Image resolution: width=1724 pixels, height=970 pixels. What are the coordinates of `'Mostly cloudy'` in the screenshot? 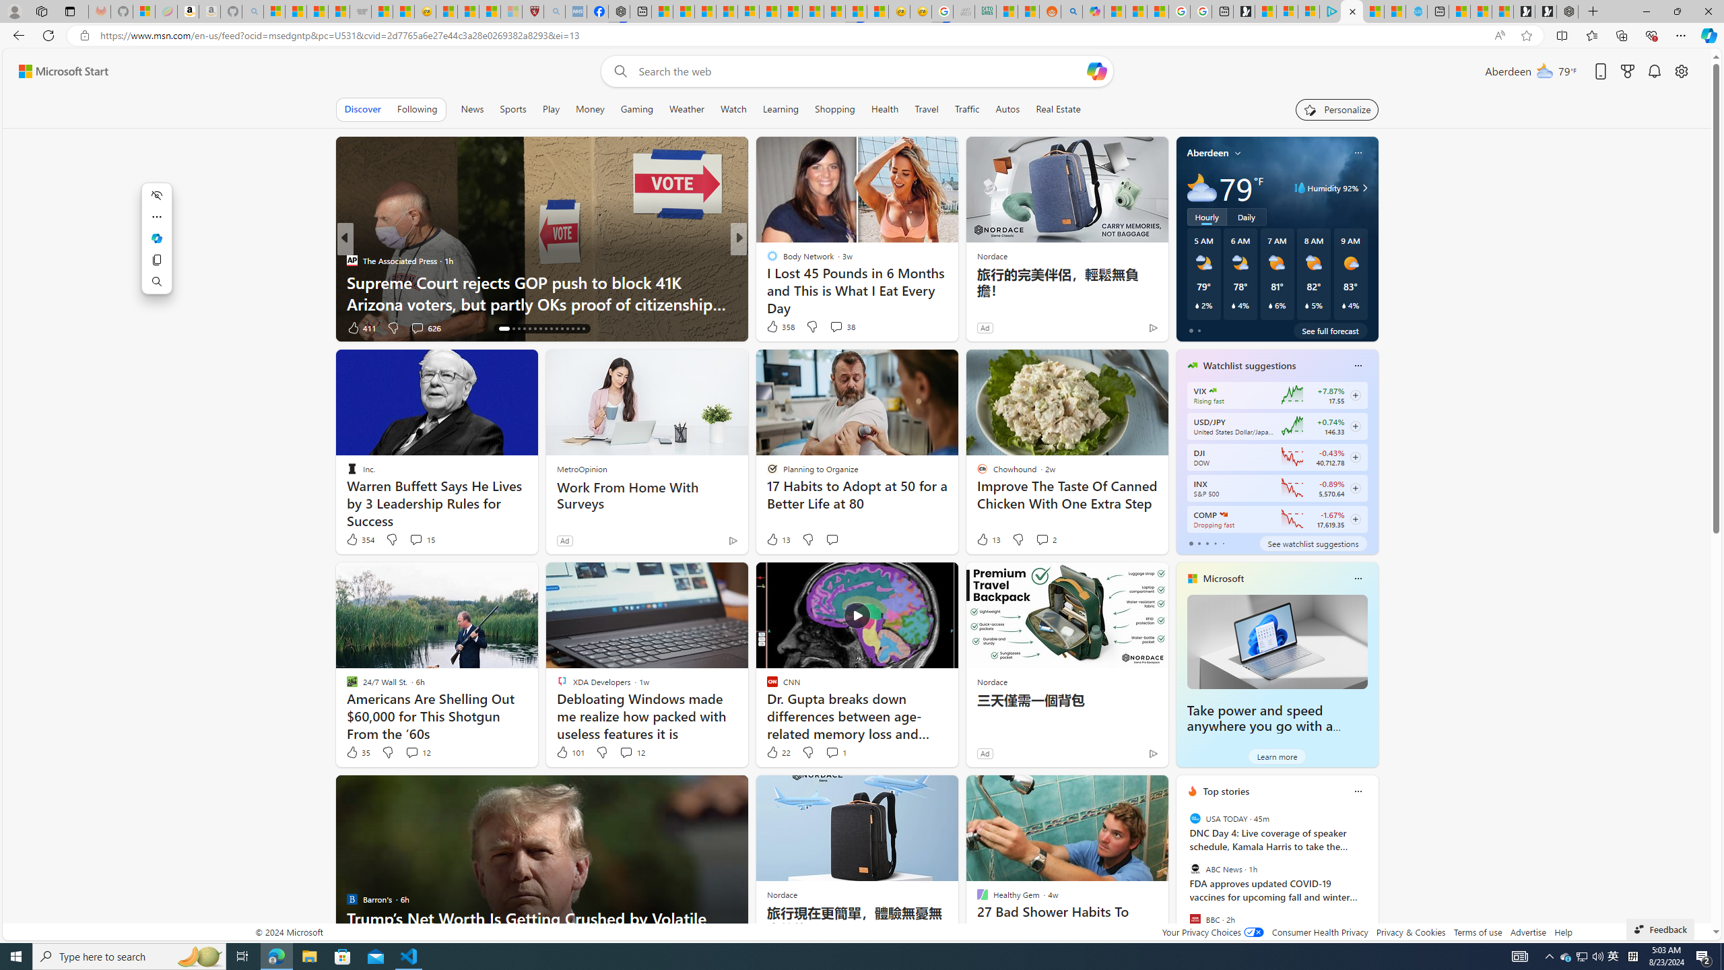 It's located at (1201, 187).